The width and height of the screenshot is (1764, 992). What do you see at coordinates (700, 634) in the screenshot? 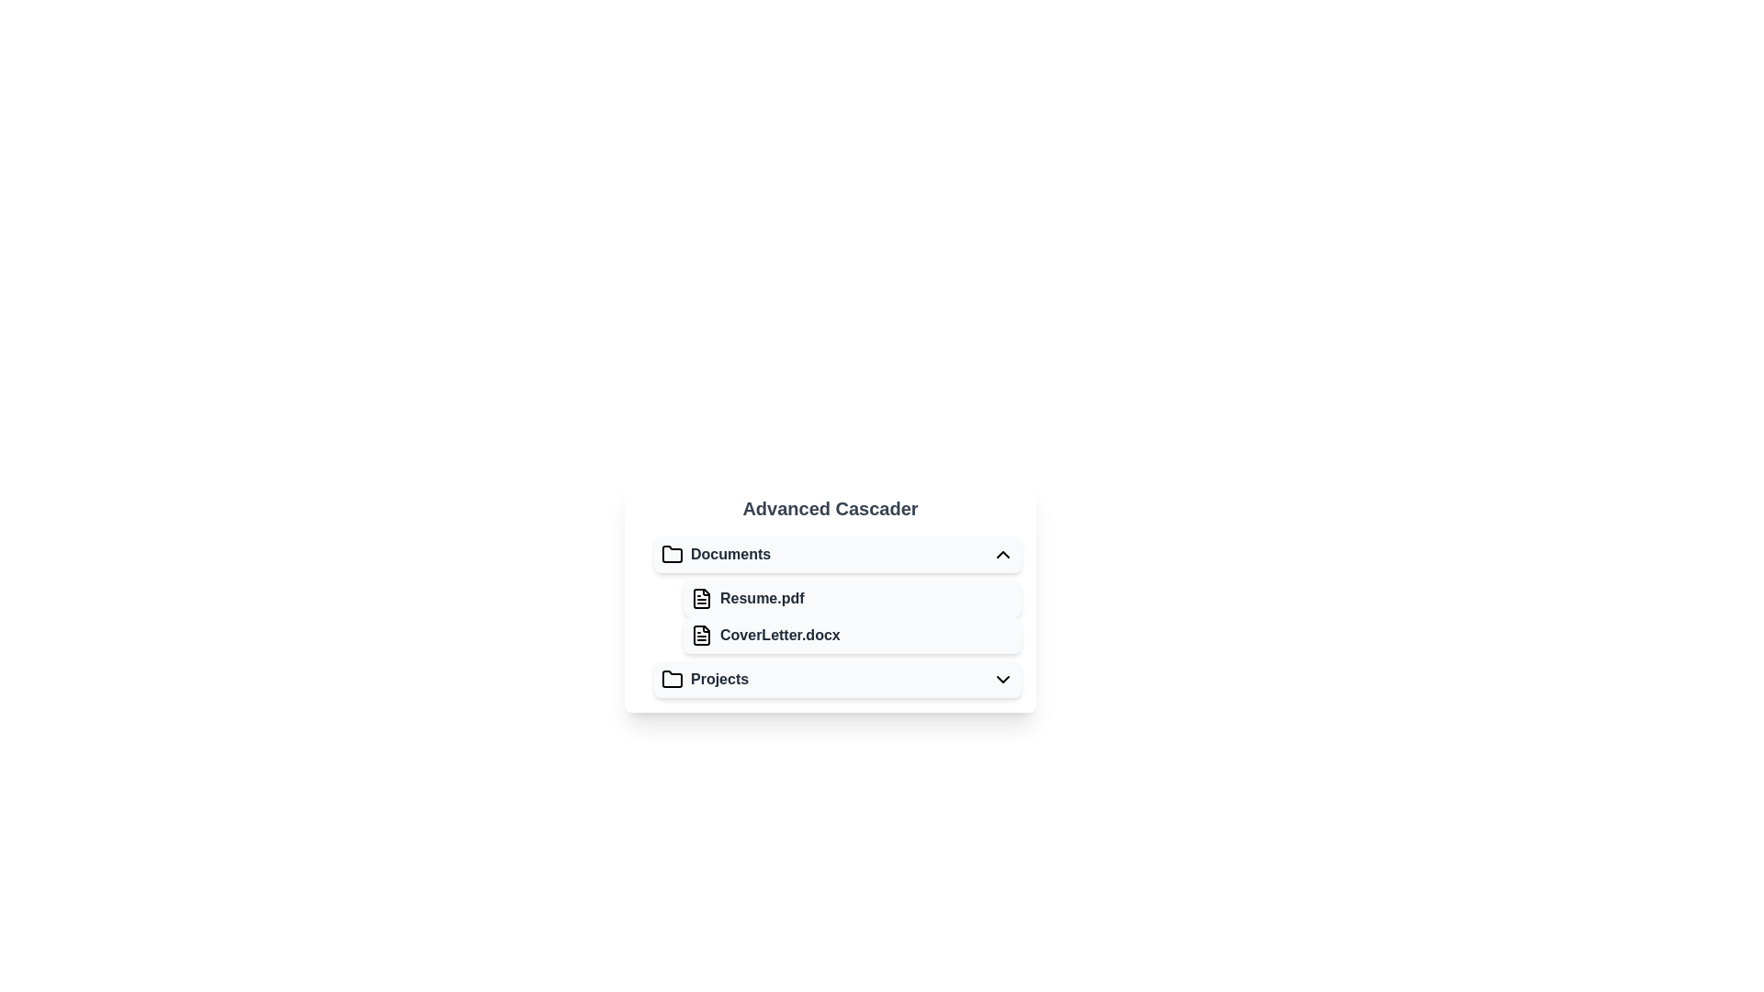
I see `the icon that represents the 'CoverLetter.docx' file entry in the 'Documents' section of the 'Advanced Cascader' interface` at bounding box center [700, 634].